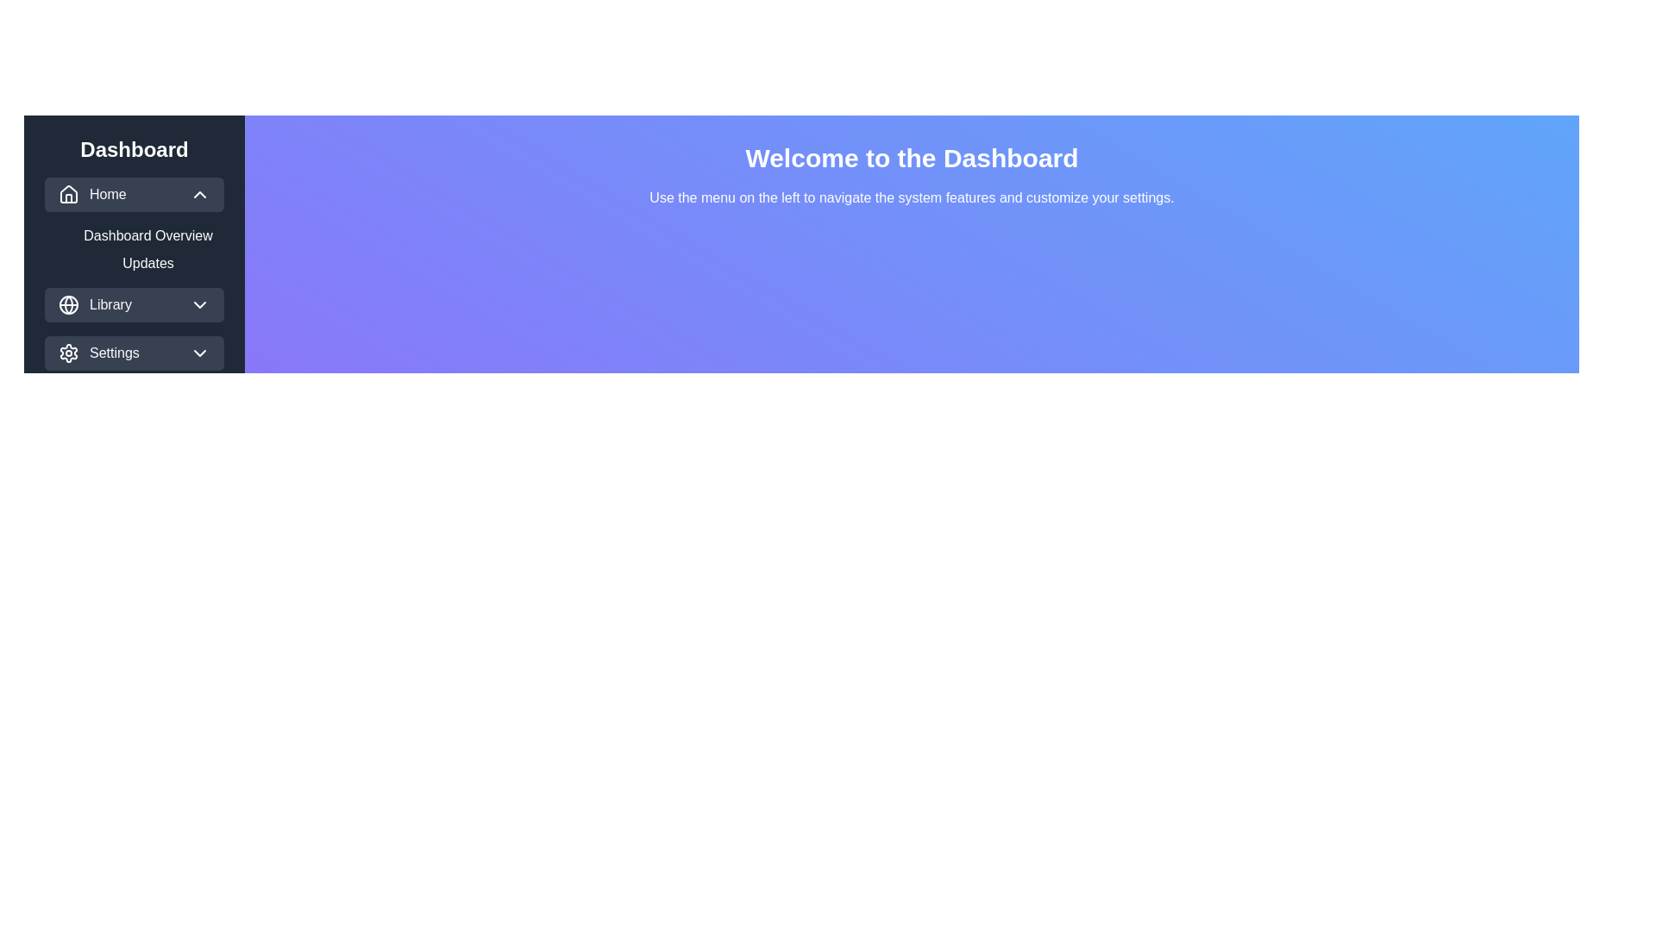 This screenshot has width=1656, height=931. What do you see at coordinates (97, 352) in the screenshot?
I see `the settings option in the navigation menu` at bounding box center [97, 352].